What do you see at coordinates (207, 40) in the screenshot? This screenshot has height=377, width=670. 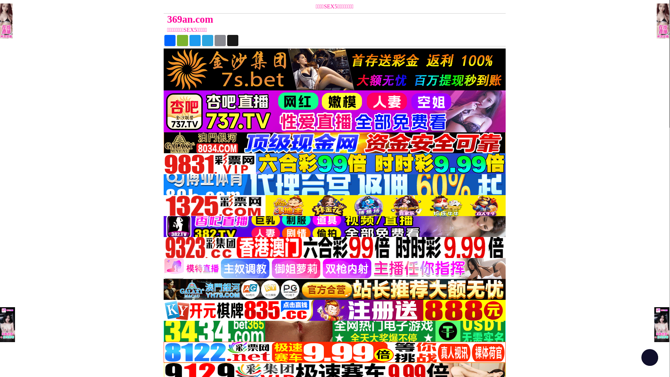 I see `'Telegram'` at bounding box center [207, 40].